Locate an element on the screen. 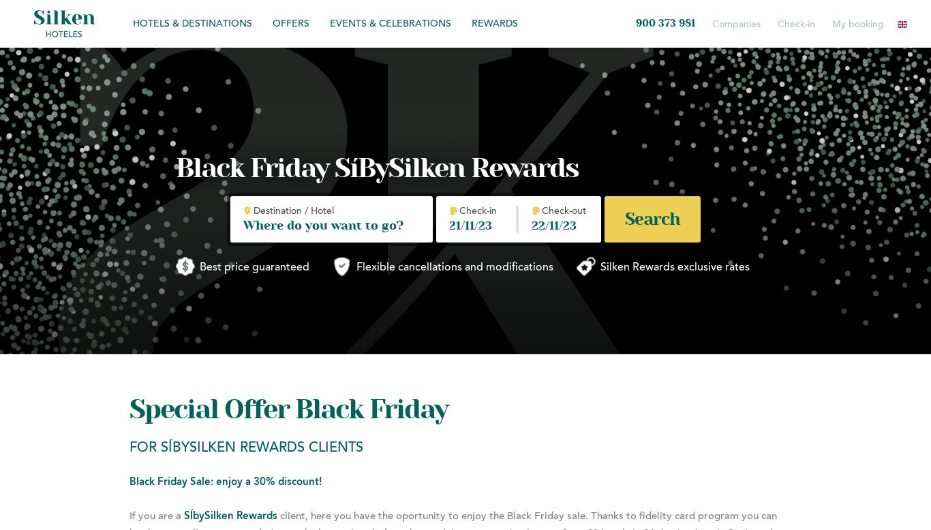 This screenshot has width=931, height=530. 'Black Friday Sale: enjoy a 30% discount!' is located at coordinates (225, 482).